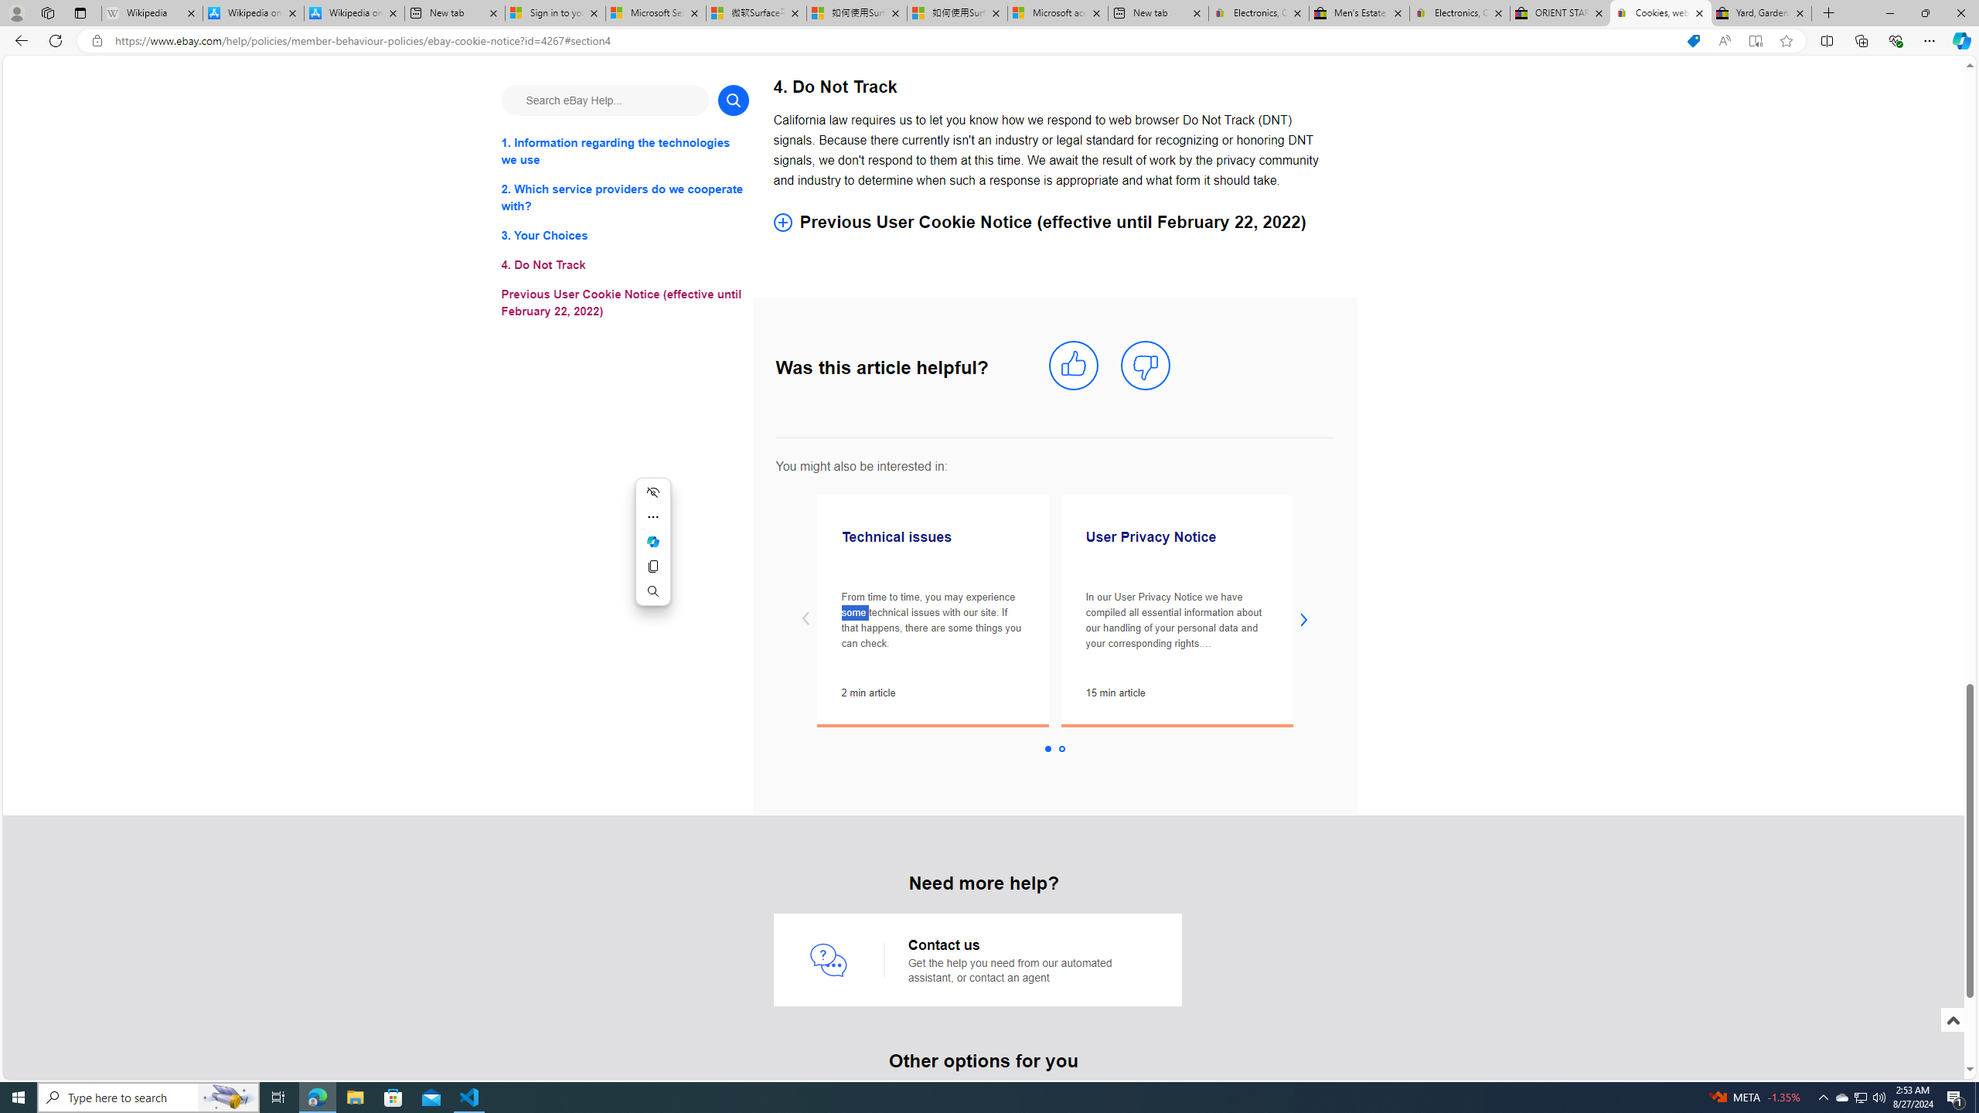 Image resolution: width=1979 pixels, height=1113 pixels. I want to click on 'Search eBay Help...', so click(605, 100).